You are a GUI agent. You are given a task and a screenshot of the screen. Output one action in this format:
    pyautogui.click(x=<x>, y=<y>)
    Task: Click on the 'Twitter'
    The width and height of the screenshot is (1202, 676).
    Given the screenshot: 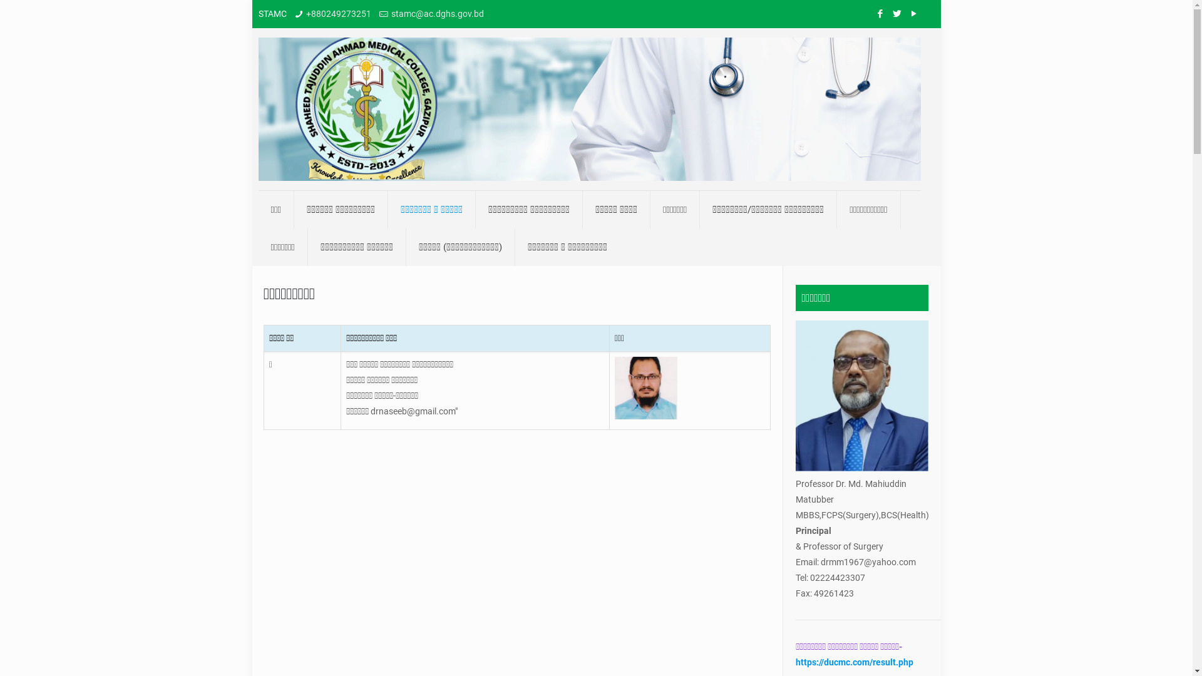 What is the action you would take?
    pyautogui.click(x=896, y=14)
    